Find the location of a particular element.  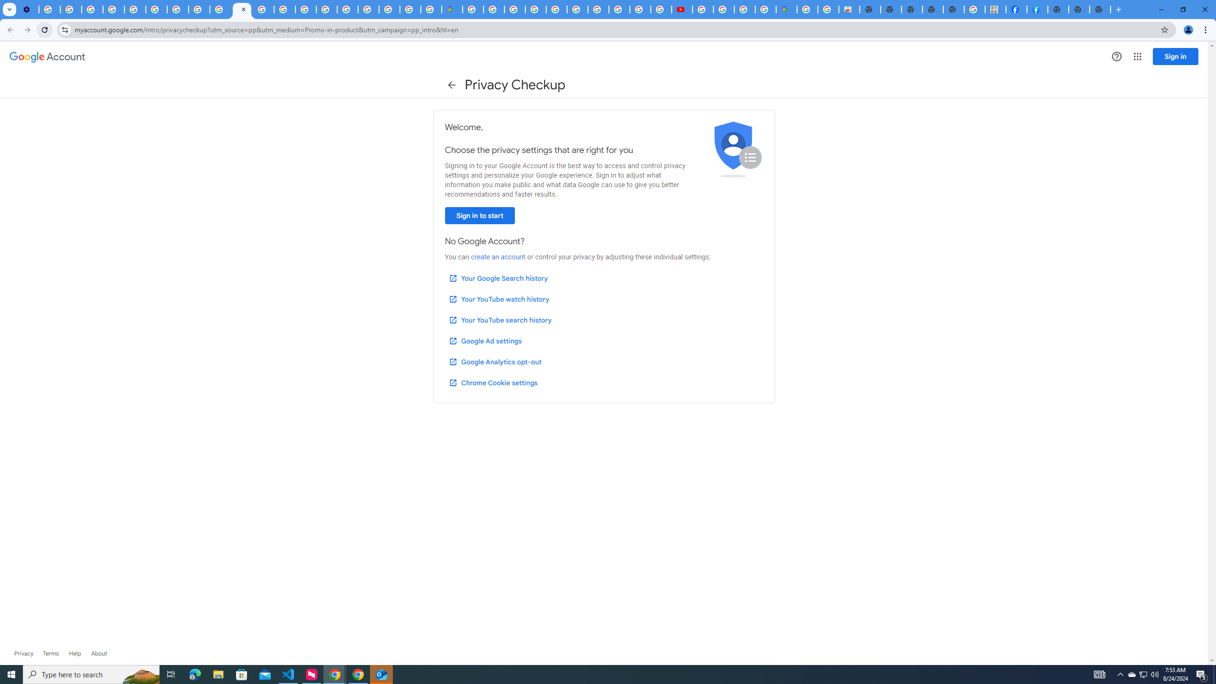

'New Tab' is located at coordinates (1057, 9).